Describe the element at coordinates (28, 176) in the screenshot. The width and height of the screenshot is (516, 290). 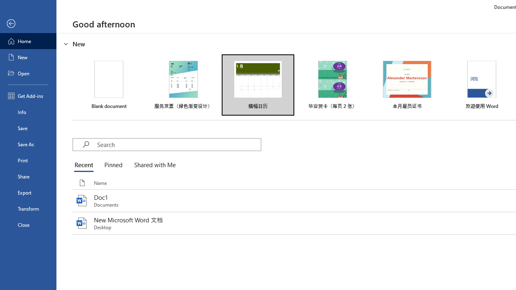
I see `'Share'` at that location.